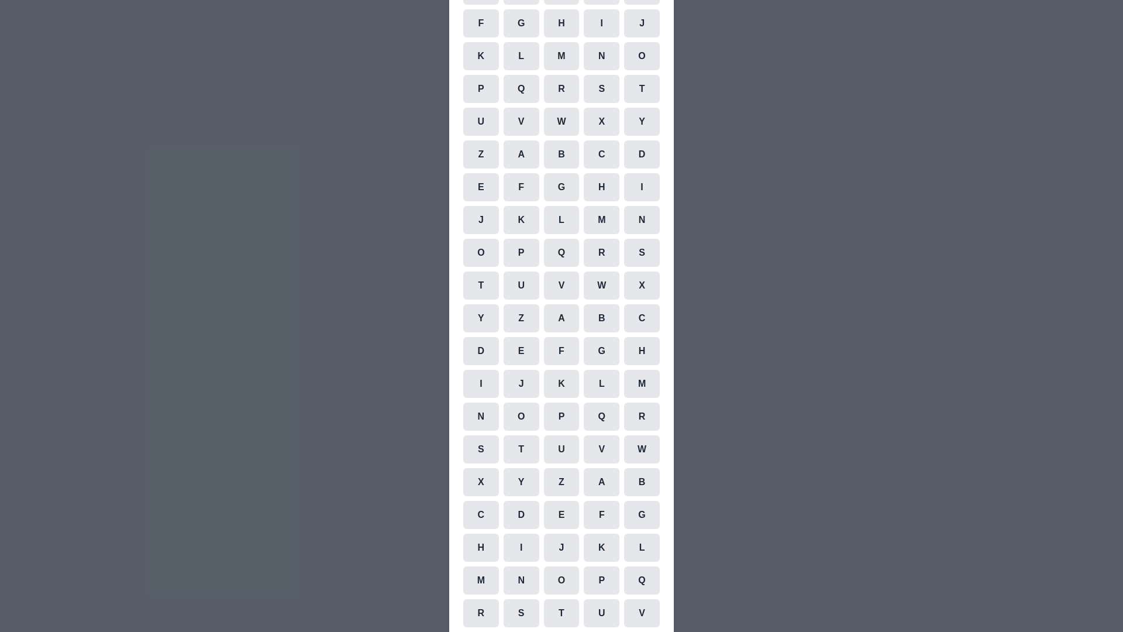 Image resolution: width=1123 pixels, height=632 pixels. I want to click on the cell representing the character Z, so click(480, 153).